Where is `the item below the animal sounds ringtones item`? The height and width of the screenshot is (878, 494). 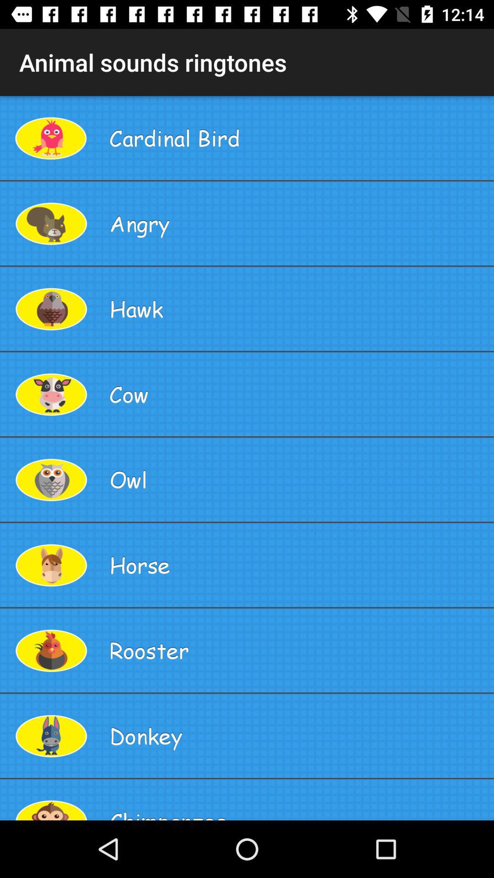
the item below the animal sounds ringtones item is located at coordinates (298, 137).